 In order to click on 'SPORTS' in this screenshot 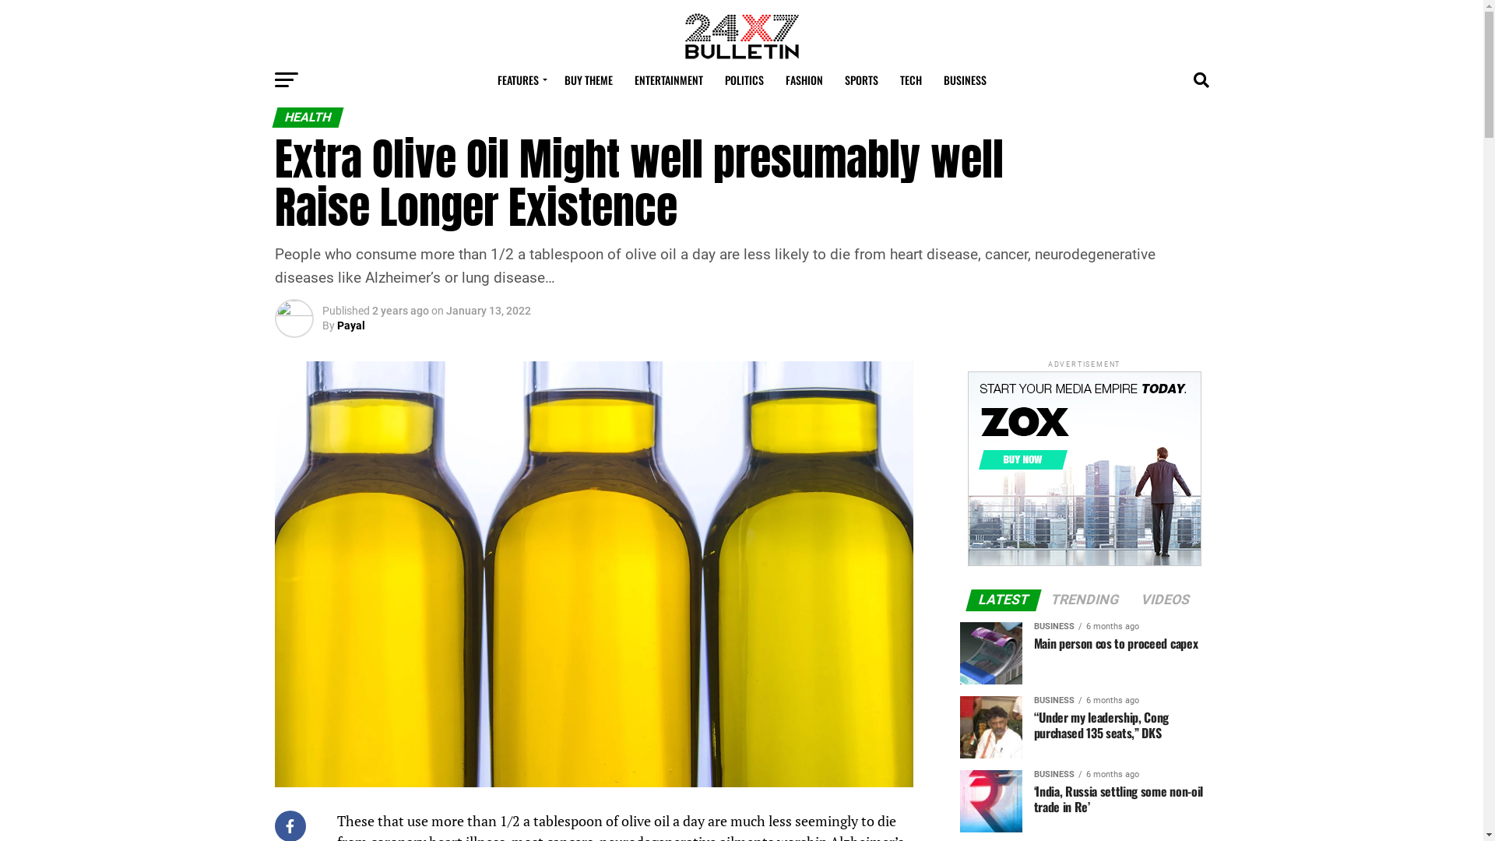, I will do `click(833, 80)`.